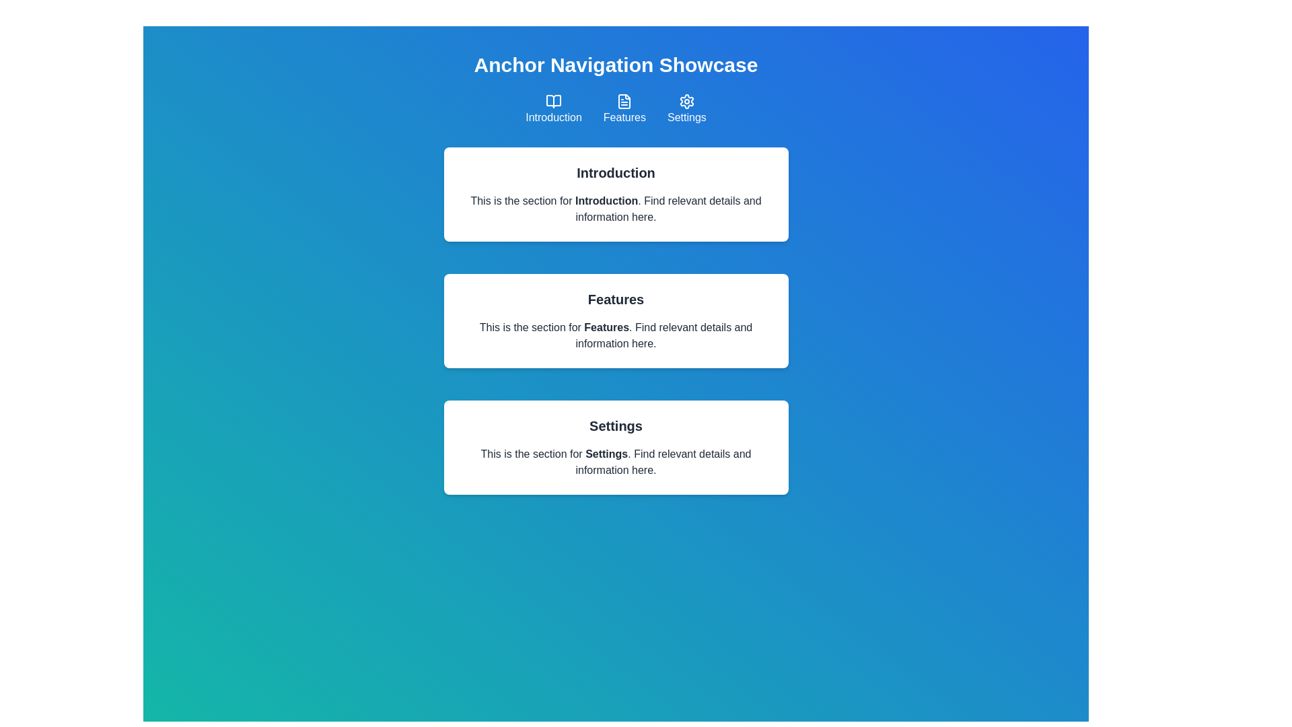 This screenshot has height=727, width=1292. What do you see at coordinates (554, 116) in the screenshot?
I see `the navigation link labeled 'Introduction' in the upper section of the interface` at bounding box center [554, 116].